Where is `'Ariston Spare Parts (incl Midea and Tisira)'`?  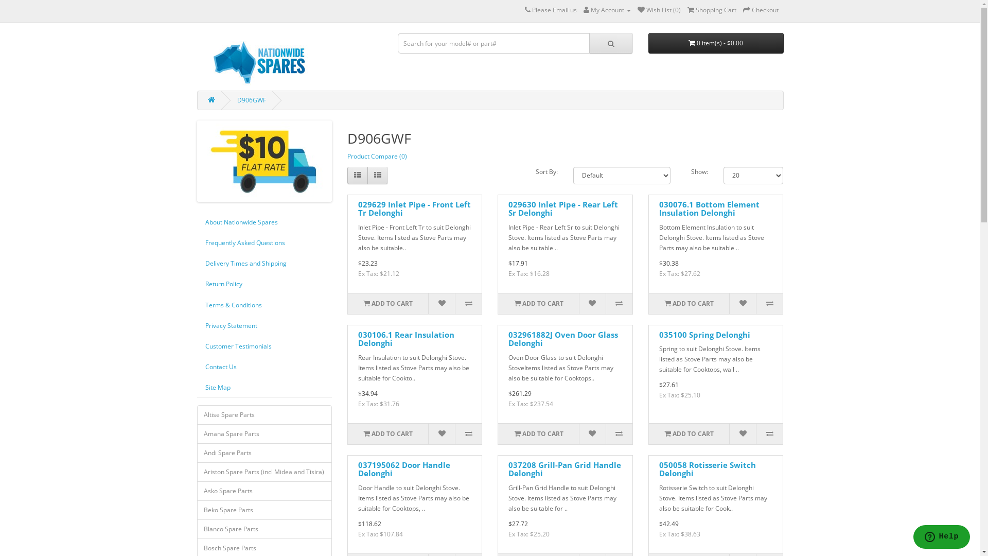 'Ariston Spare Parts (incl Midea and Tisira)' is located at coordinates (264, 472).